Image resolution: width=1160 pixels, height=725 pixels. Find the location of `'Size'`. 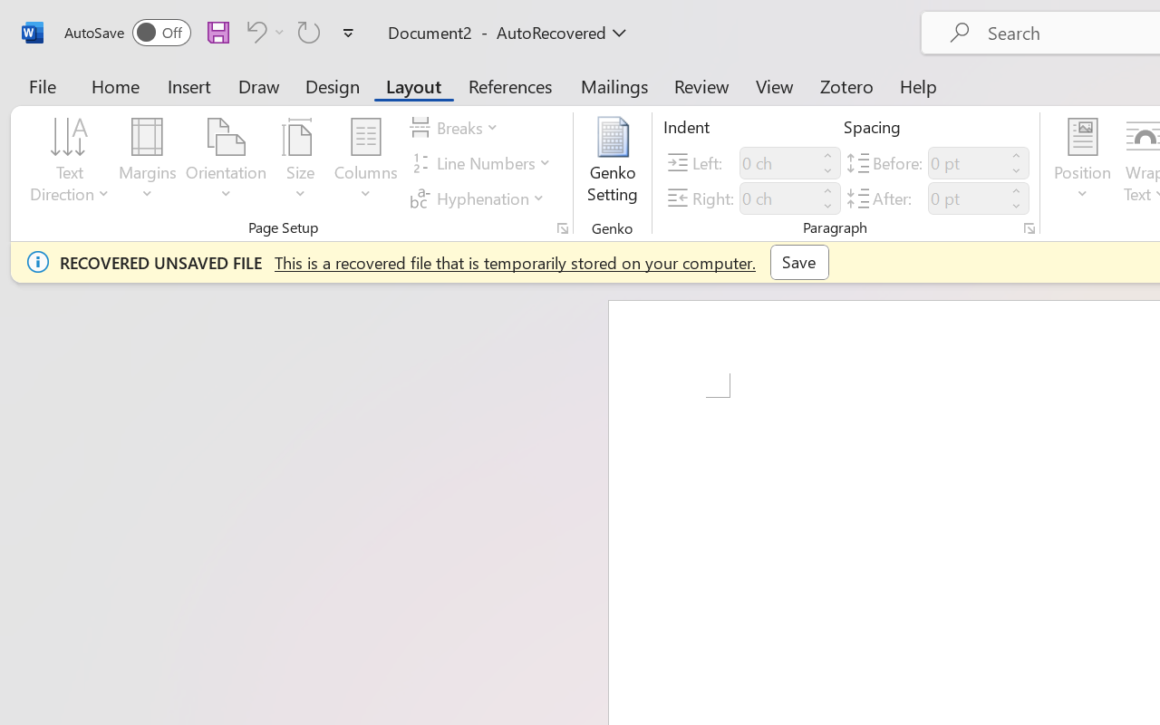

'Size' is located at coordinates (301, 162).